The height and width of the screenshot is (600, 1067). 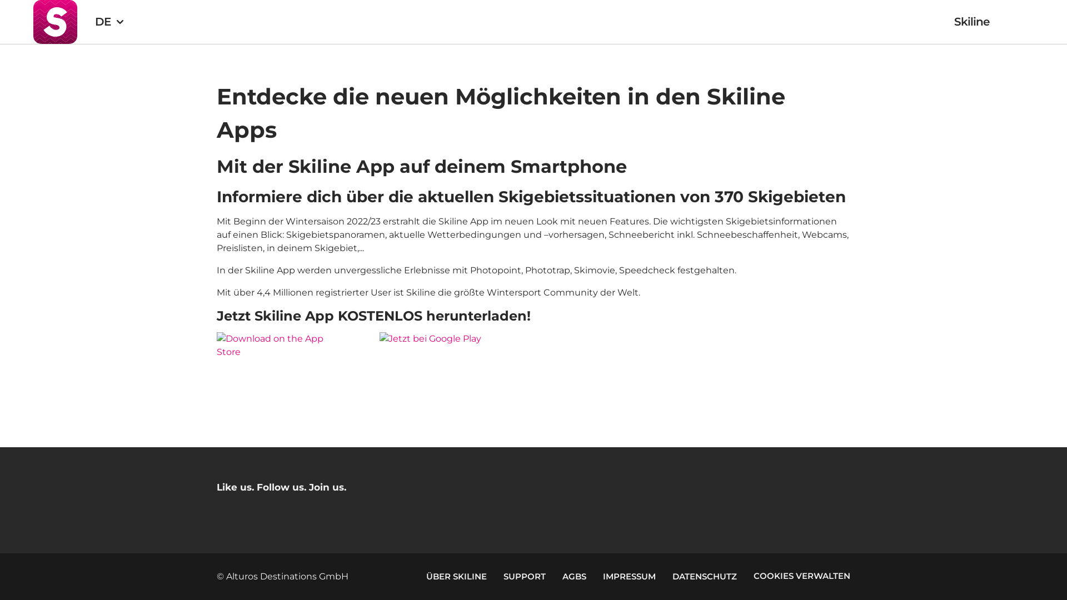 What do you see at coordinates (629, 576) in the screenshot?
I see `'IMPRESSUM'` at bounding box center [629, 576].